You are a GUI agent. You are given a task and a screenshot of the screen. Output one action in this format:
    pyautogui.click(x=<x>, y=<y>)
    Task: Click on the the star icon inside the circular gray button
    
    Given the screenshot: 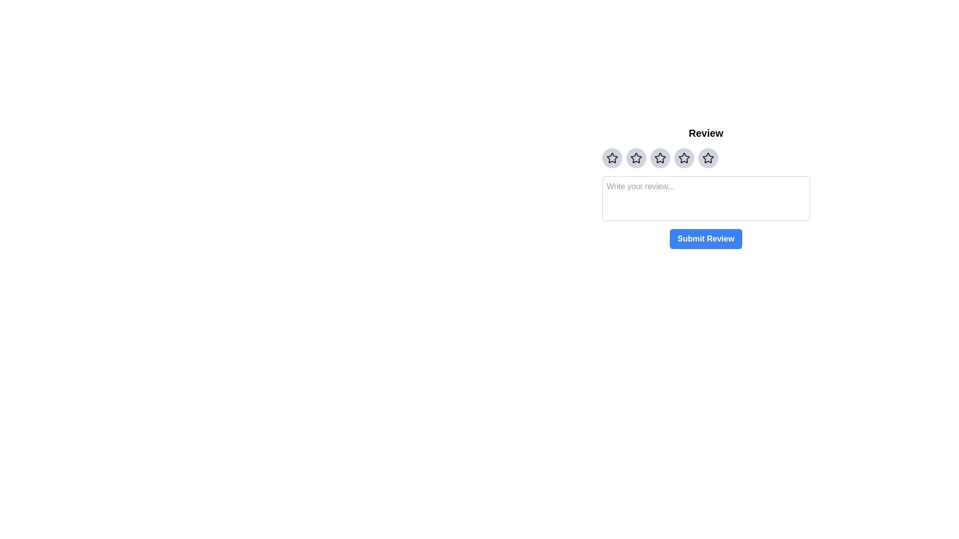 What is the action you would take?
    pyautogui.click(x=611, y=157)
    